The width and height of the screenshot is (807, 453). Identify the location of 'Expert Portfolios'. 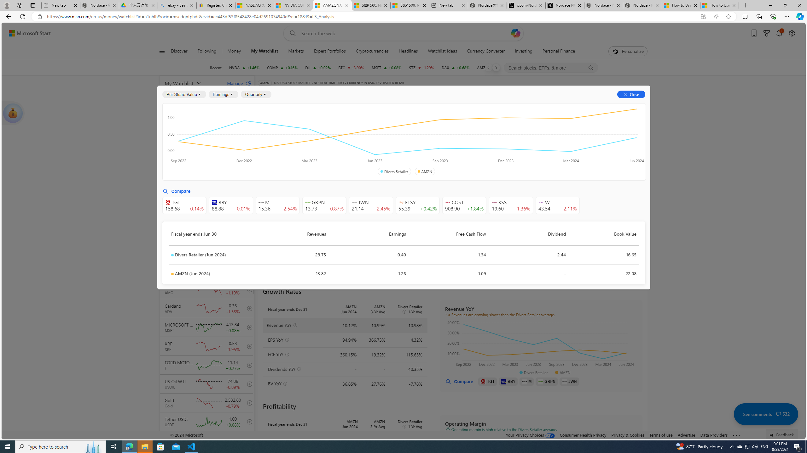
(330, 51).